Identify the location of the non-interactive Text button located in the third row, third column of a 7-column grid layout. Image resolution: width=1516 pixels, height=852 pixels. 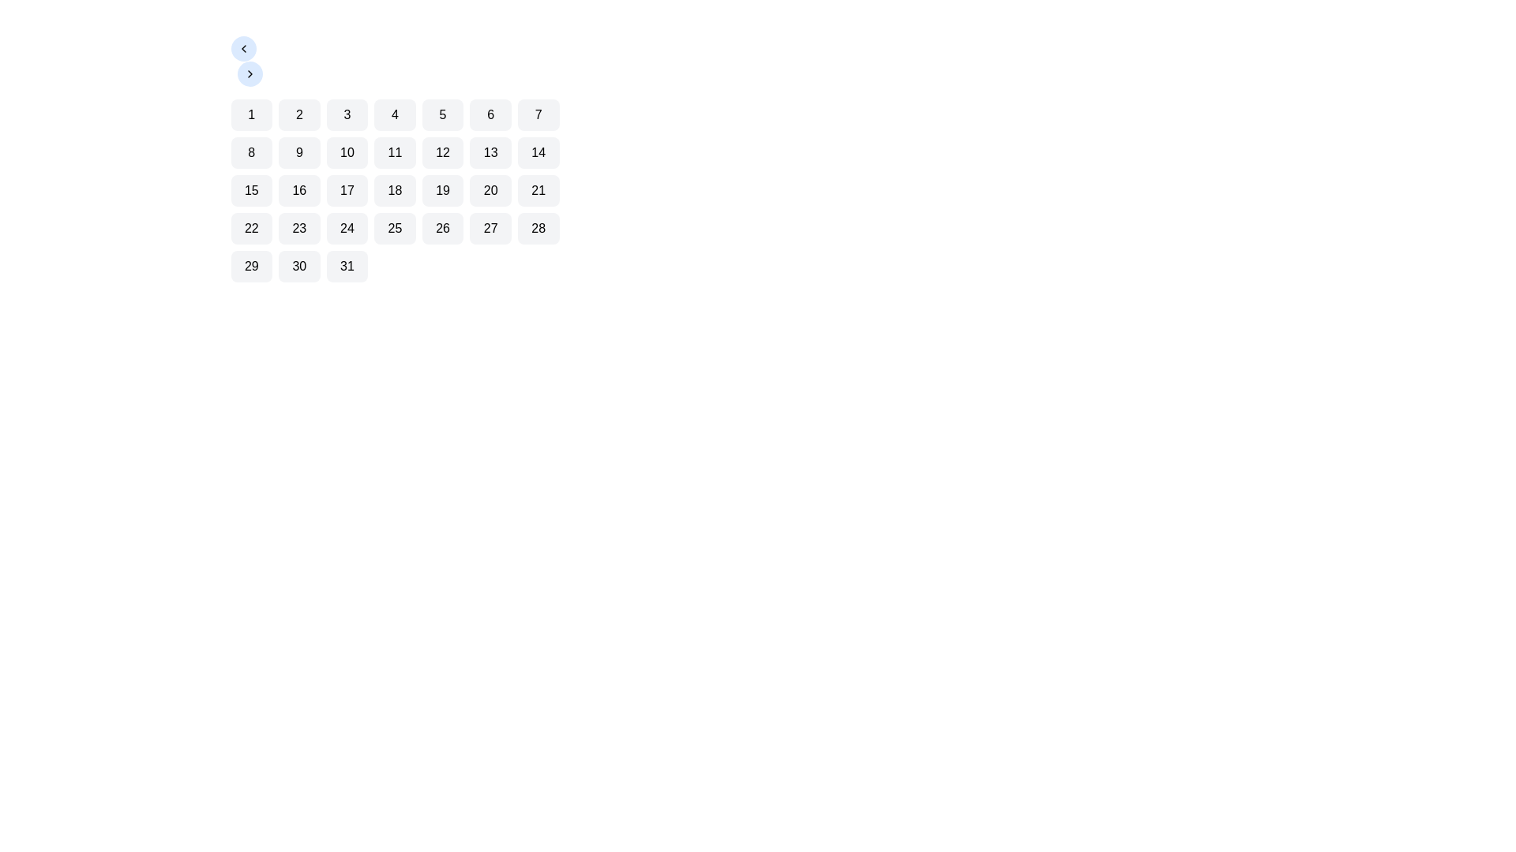
(346, 190).